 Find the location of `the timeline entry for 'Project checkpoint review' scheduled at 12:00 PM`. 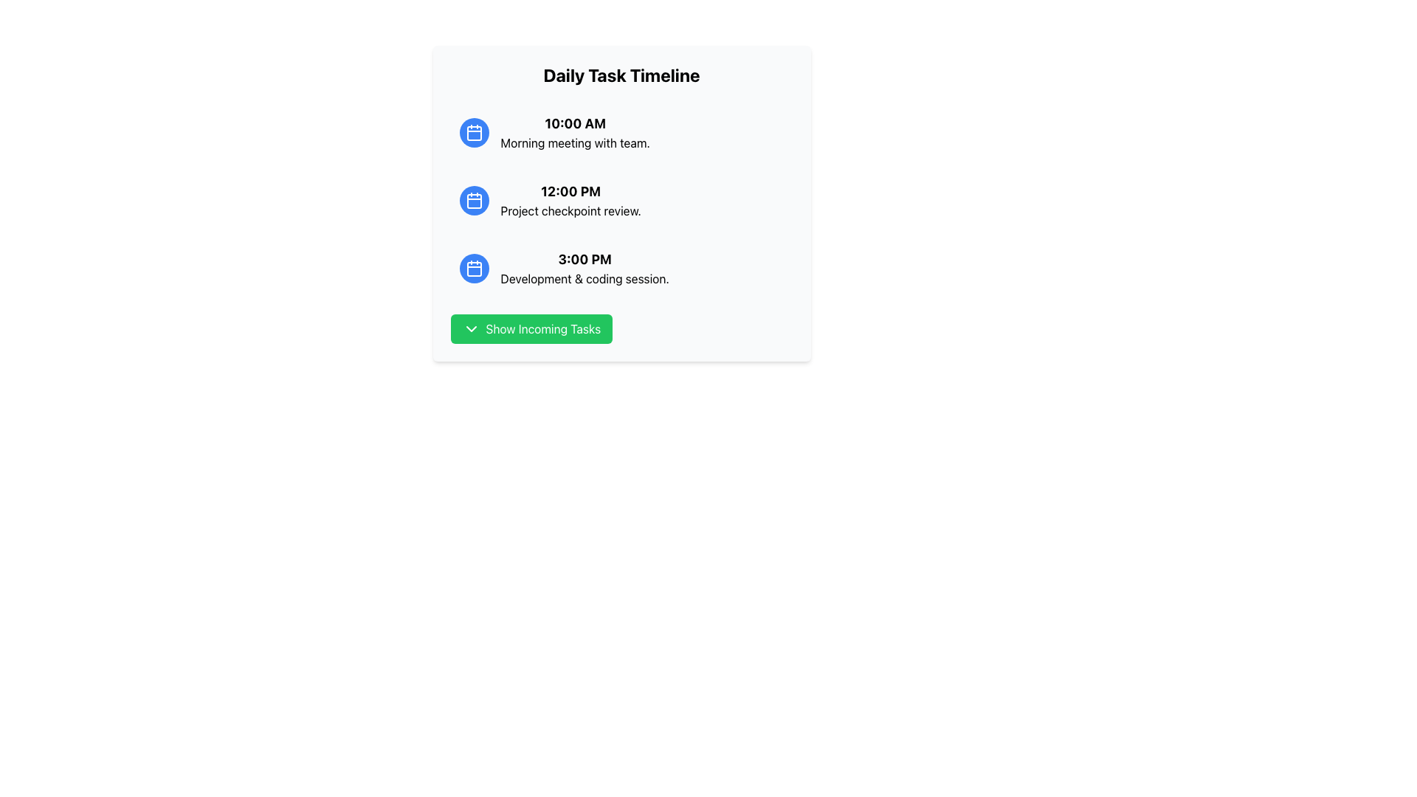

the timeline entry for 'Project checkpoint review' scheduled at 12:00 PM is located at coordinates (570, 201).